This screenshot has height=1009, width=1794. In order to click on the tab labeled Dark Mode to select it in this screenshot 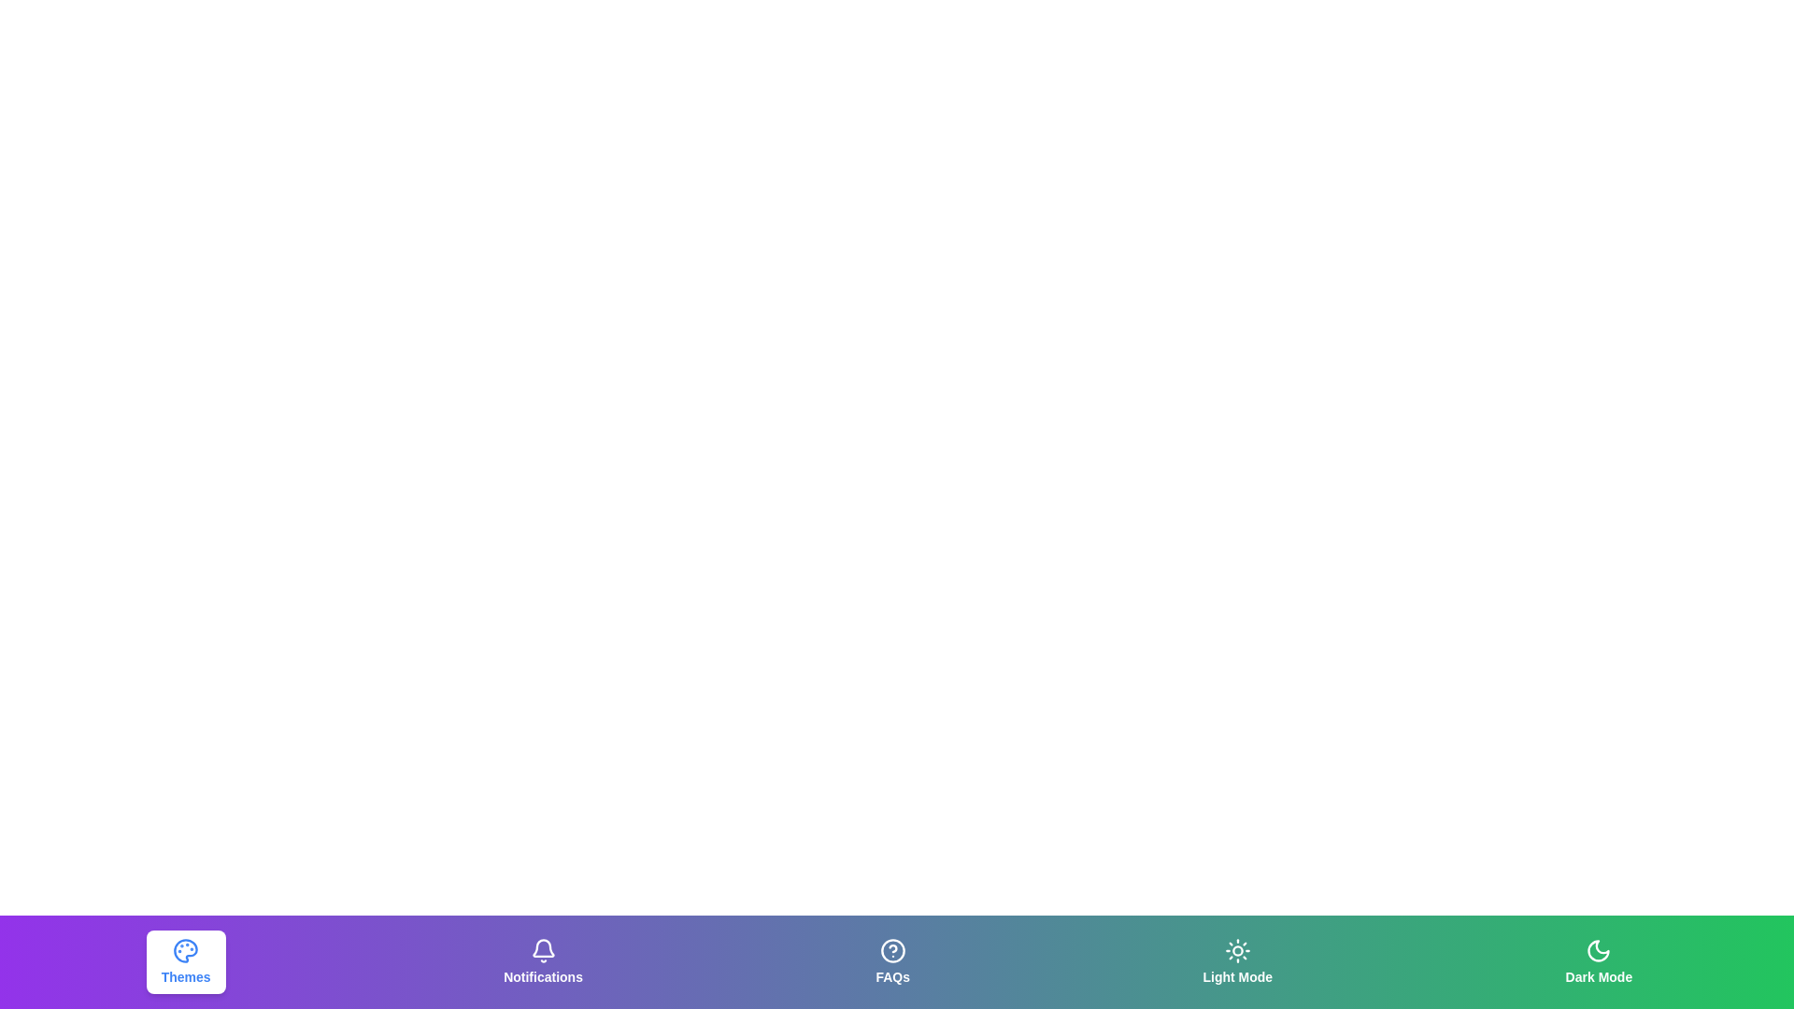, I will do `click(1597, 961)`.